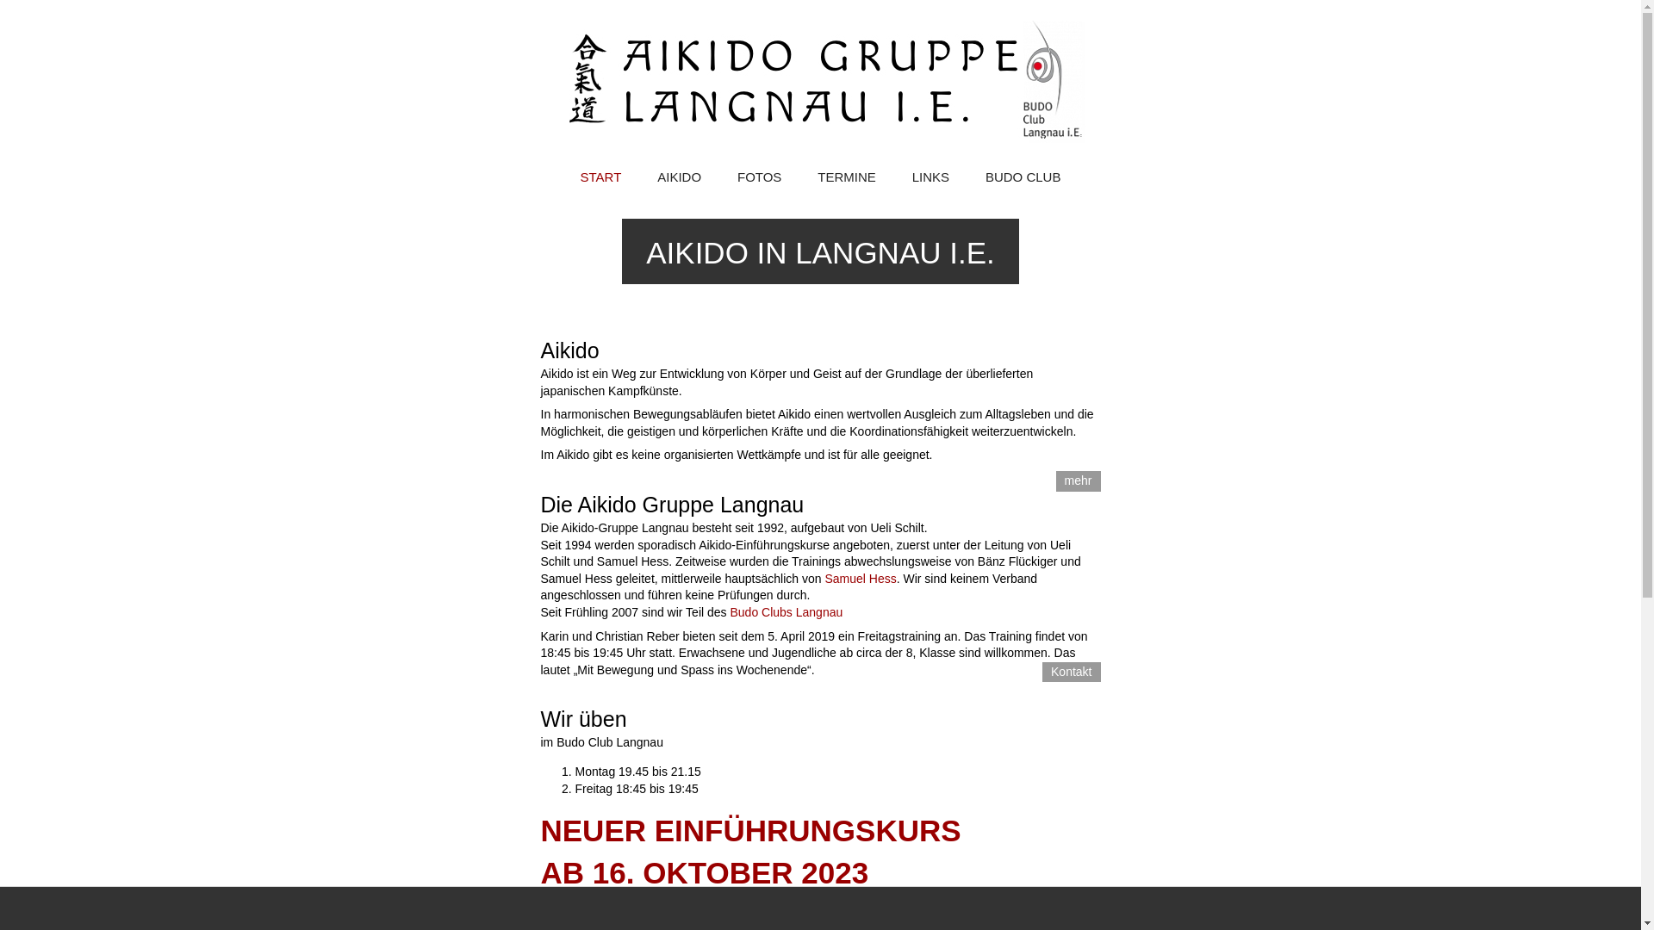 This screenshot has width=1654, height=930. What do you see at coordinates (860, 578) in the screenshot?
I see `'Samuel Hess'` at bounding box center [860, 578].